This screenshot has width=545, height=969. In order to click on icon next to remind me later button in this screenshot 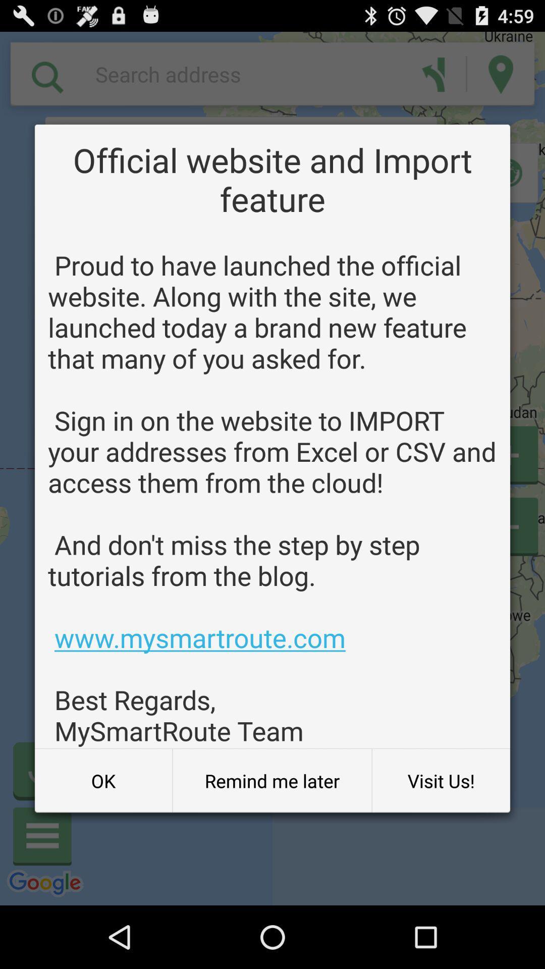, I will do `click(441, 780)`.